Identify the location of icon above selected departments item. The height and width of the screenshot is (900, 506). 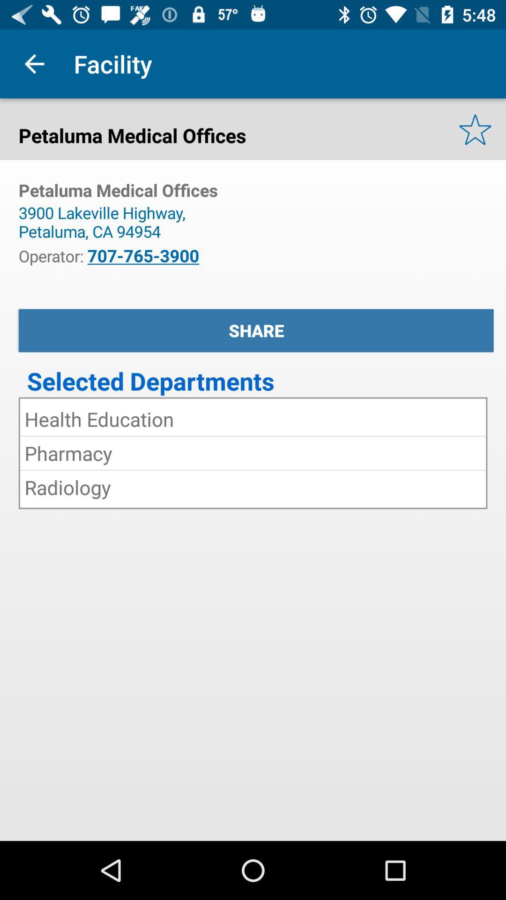
(256, 330).